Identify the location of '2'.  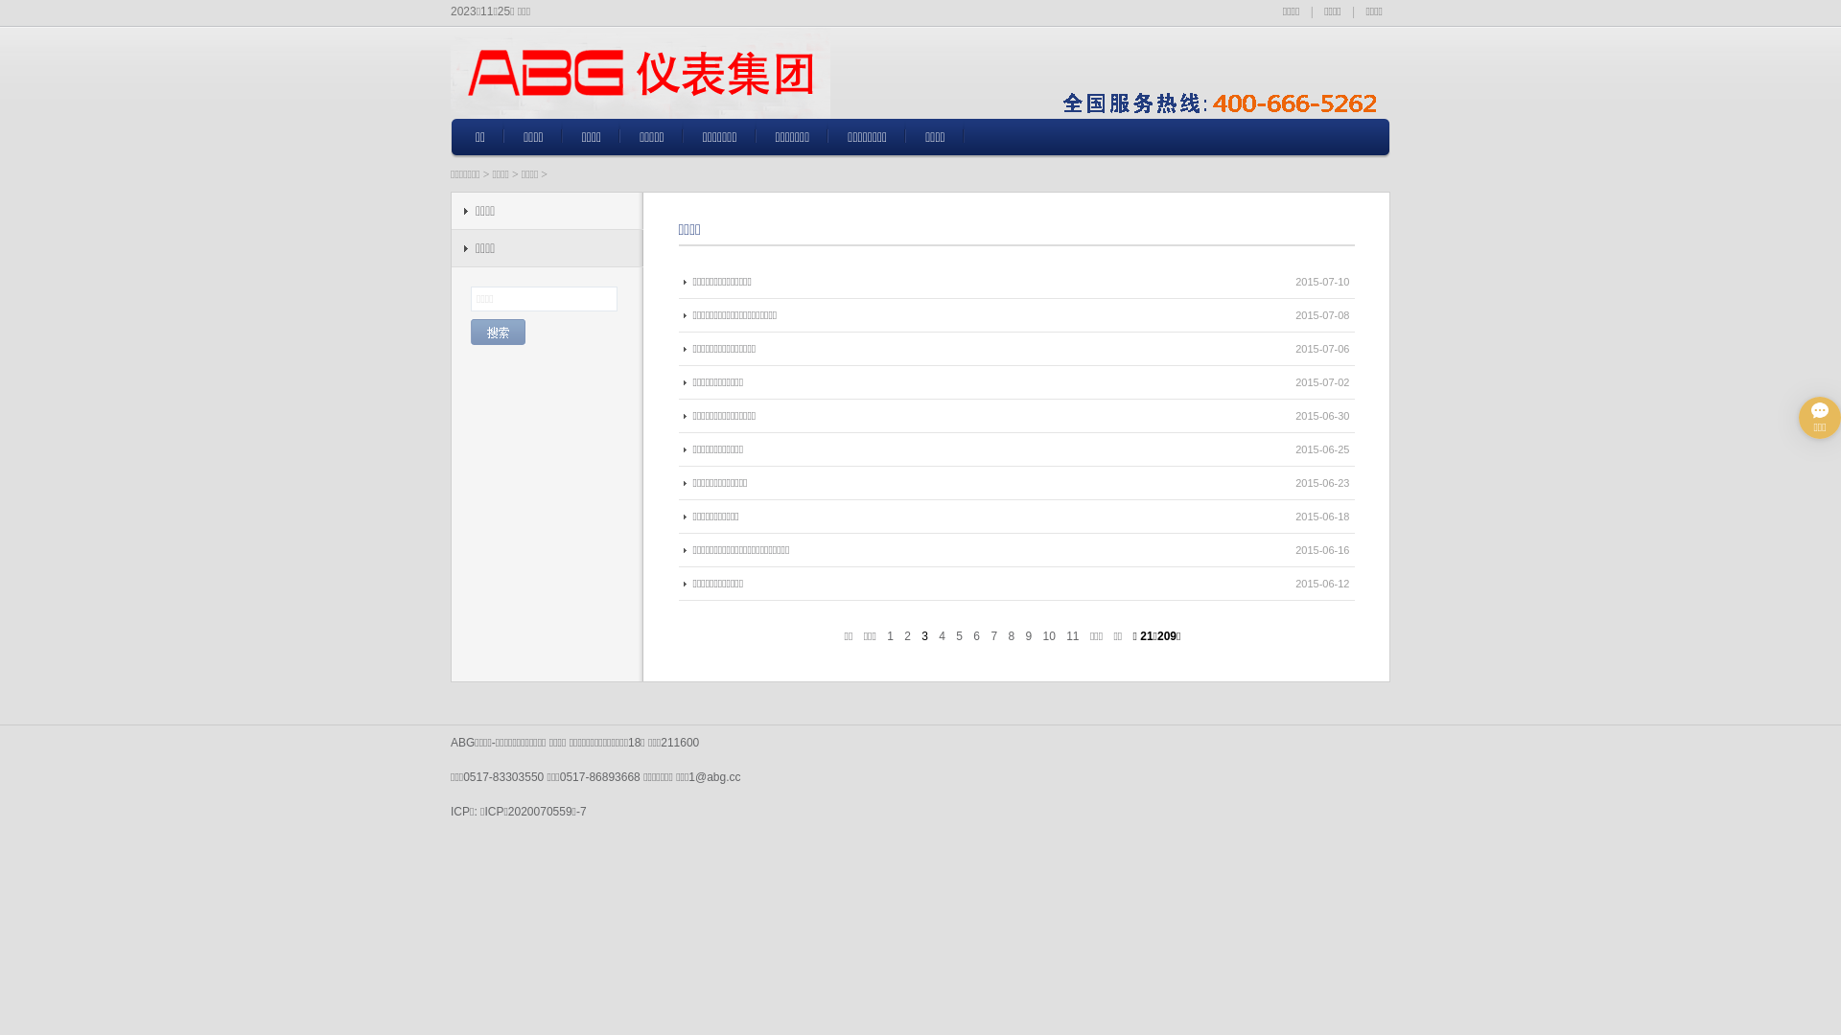
(906, 635).